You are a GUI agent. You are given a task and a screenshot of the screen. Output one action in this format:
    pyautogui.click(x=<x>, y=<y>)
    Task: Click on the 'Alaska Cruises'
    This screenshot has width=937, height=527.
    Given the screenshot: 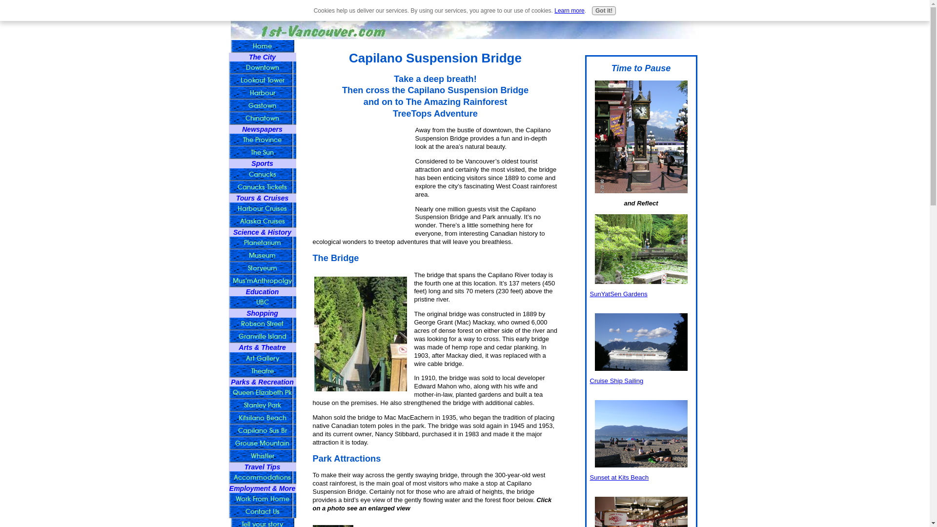 What is the action you would take?
    pyautogui.click(x=262, y=222)
    